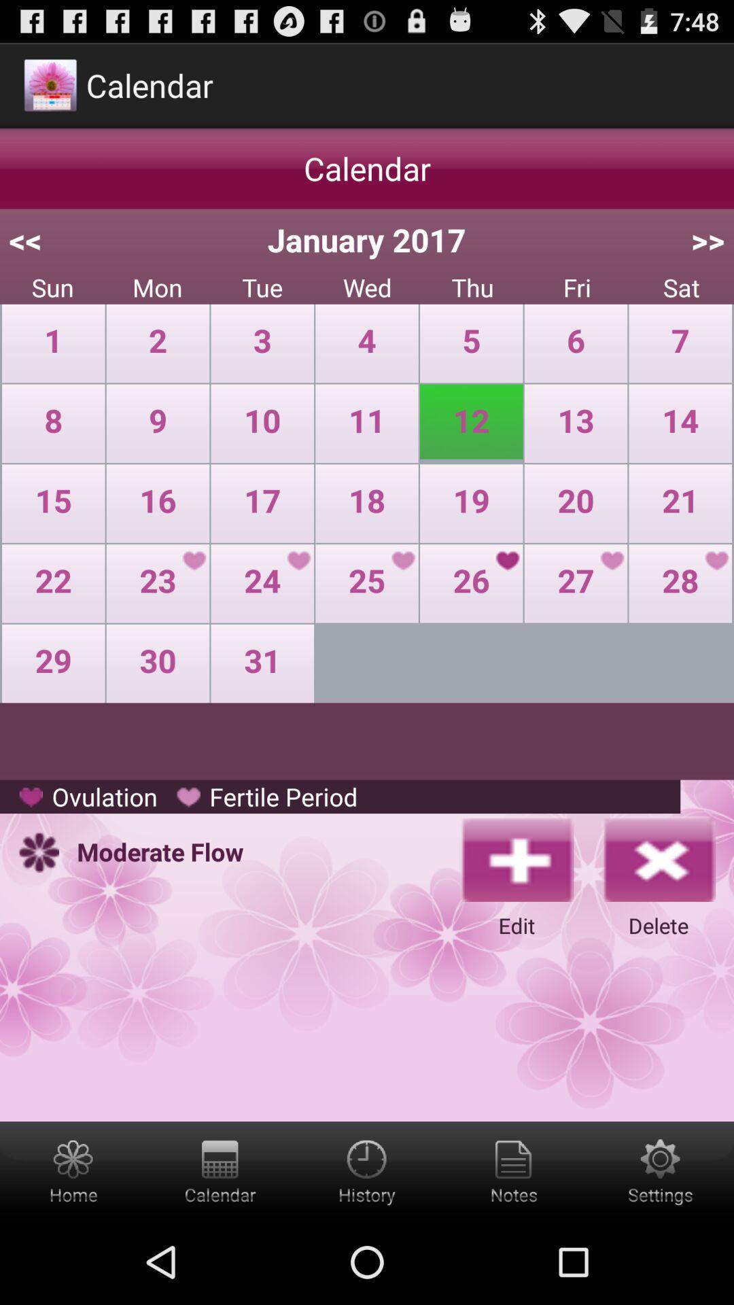 This screenshot has height=1305, width=734. Describe the element at coordinates (660, 1170) in the screenshot. I see `setting` at that location.